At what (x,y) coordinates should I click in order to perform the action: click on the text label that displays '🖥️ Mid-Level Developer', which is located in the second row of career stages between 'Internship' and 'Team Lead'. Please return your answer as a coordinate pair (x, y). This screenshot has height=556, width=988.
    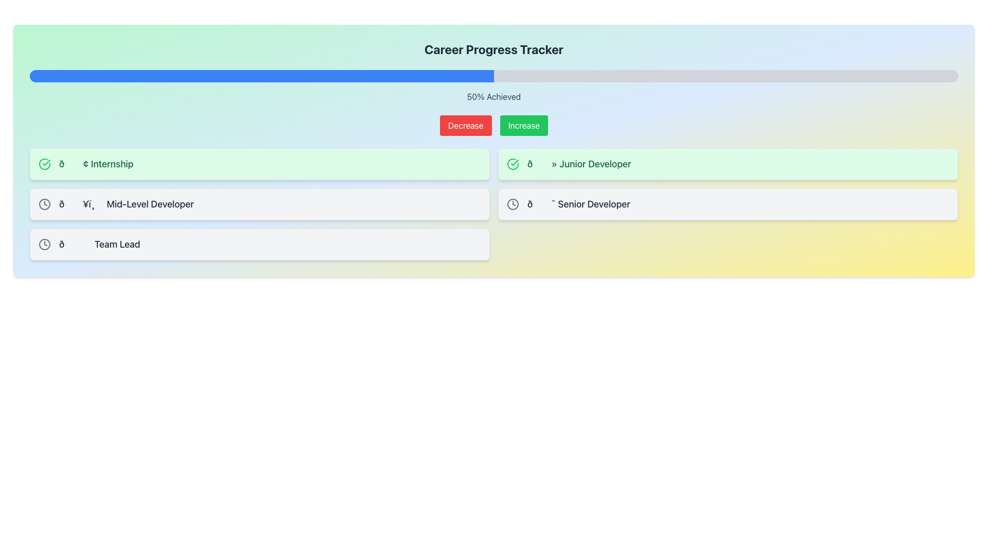
    Looking at the image, I should click on (126, 204).